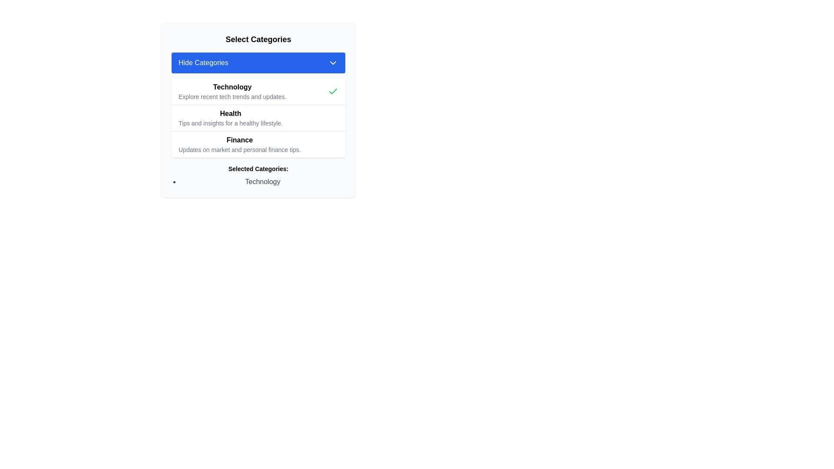 The height and width of the screenshot is (469, 834). I want to click on the informational text element about the 'Technology' category, located below the 'Hide Categories' header and above the 'Health' section, so click(232, 92).